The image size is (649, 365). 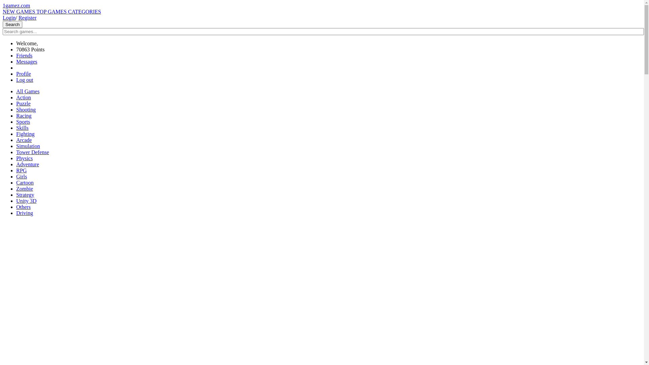 What do you see at coordinates (16, 115) in the screenshot?
I see `'Racing'` at bounding box center [16, 115].